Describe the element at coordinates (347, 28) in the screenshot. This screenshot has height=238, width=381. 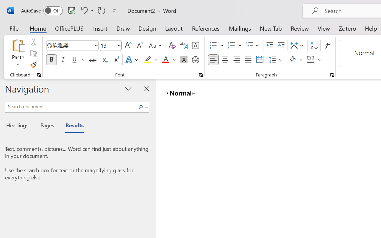
I see `'Zotero'` at that location.